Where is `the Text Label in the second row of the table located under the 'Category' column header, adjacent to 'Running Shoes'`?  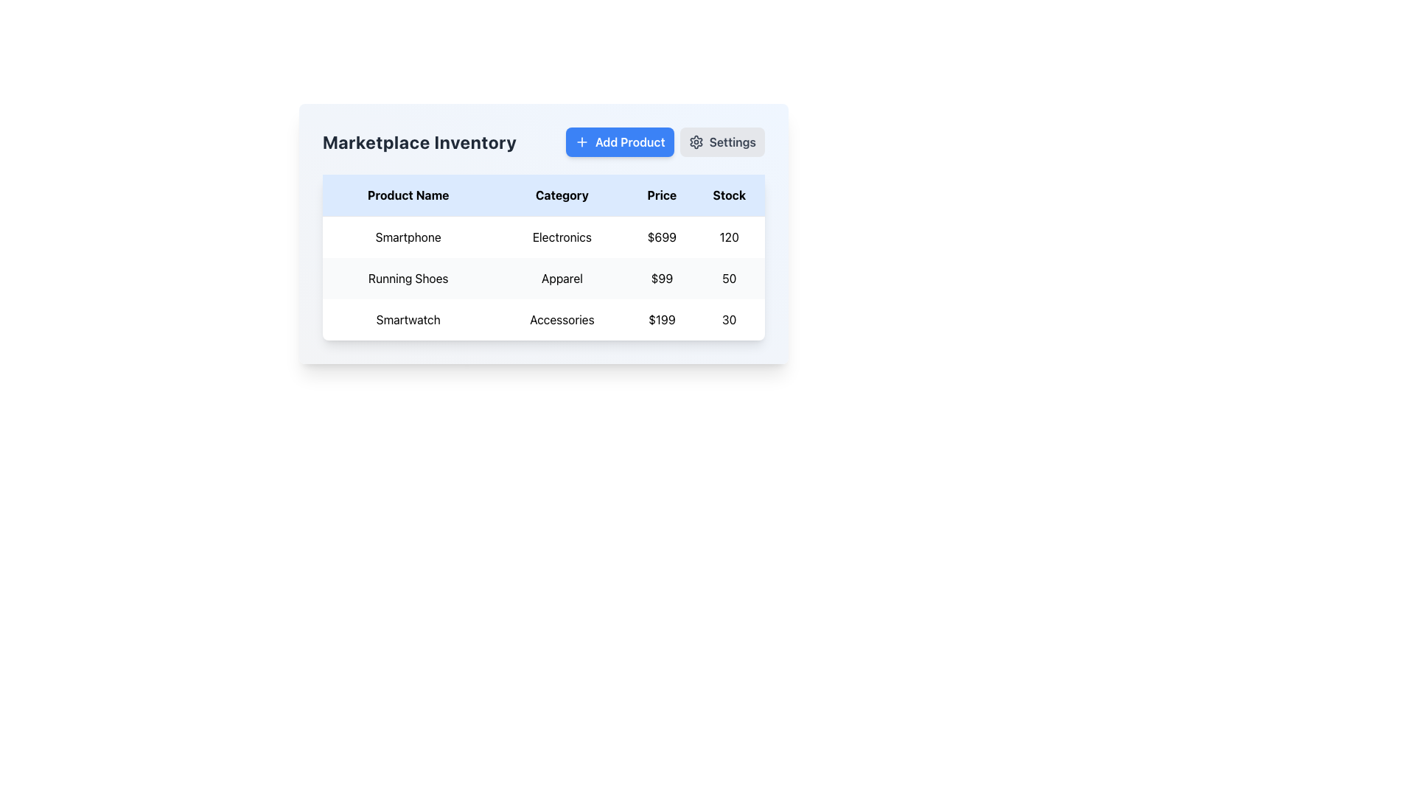
the Text Label in the second row of the table located under the 'Category' column header, adjacent to 'Running Shoes' is located at coordinates (561, 279).